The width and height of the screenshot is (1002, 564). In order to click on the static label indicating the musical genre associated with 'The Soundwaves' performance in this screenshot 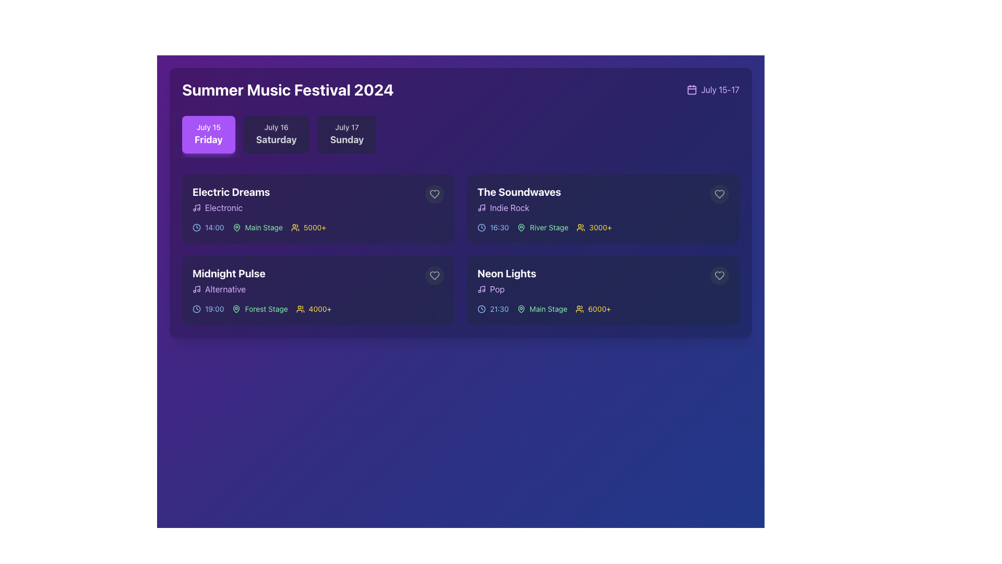, I will do `click(519, 207)`.